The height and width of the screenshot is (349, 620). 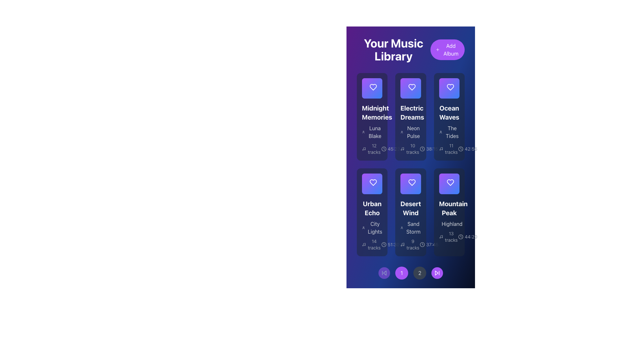 I want to click on the 'Mountain Peak' album card, which features a rounded rectangle layout with a gradient background and displays the title 'Mountain Peak', subtitle 'Highland', along with metadata such as '13 tracks' and '44:20'. It is the sixth element in the grid of the 'Your Music Library' section, so click(x=449, y=212).